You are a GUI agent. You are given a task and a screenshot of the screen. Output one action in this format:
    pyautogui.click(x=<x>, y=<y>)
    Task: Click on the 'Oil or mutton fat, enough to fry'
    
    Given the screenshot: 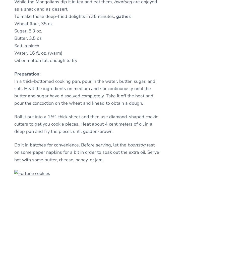 What is the action you would take?
    pyautogui.click(x=46, y=60)
    